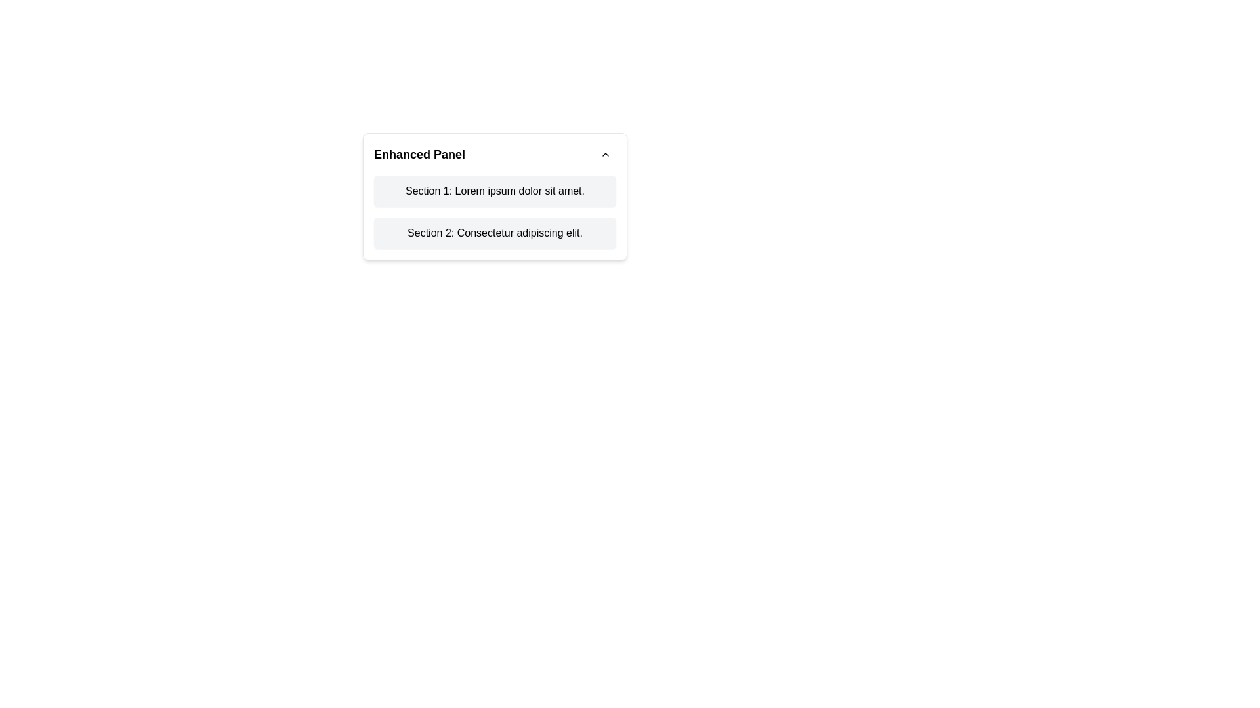 The width and height of the screenshot is (1260, 708). Describe the element at coordinates (604, 153) in the screenshot. I see `the circular button with an upward arrow icon located in the top right corner of the 'Enhanced Panel'` at that location.